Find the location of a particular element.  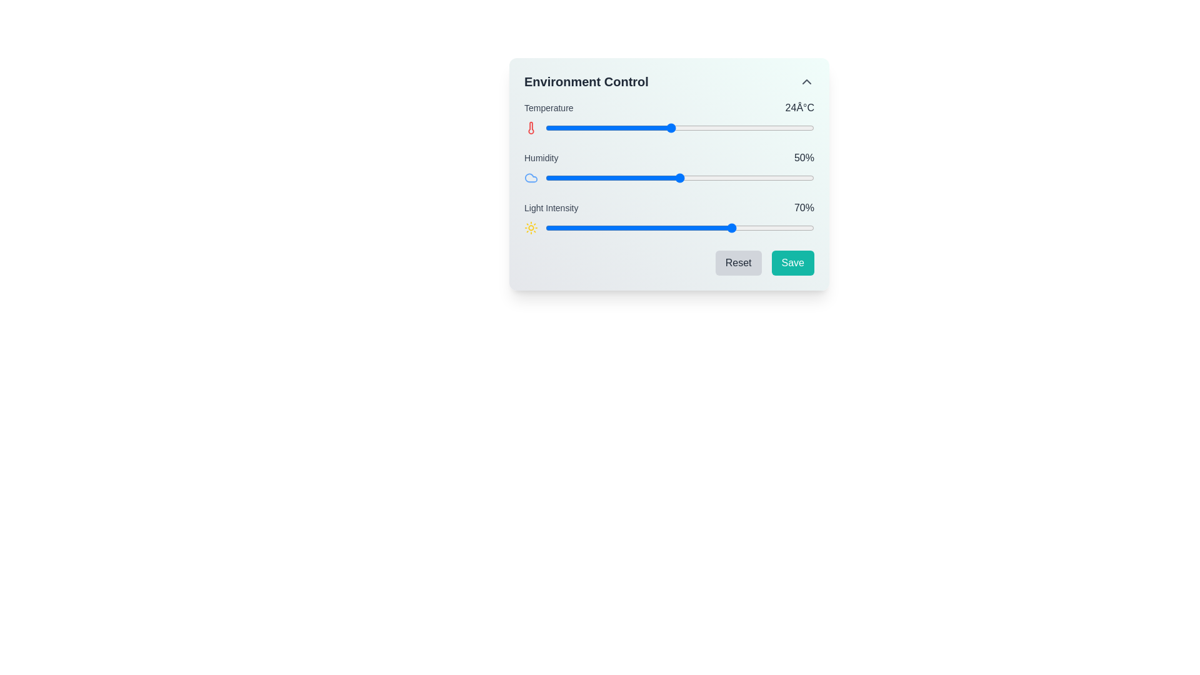

the humidity is located at coordinates (779, 178).